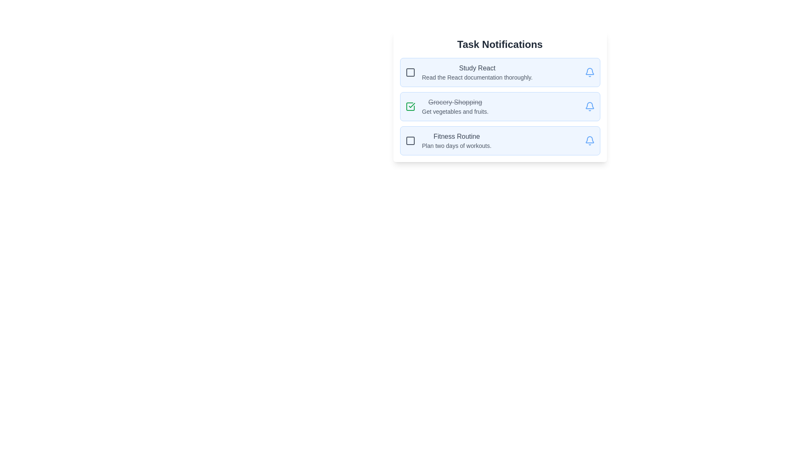 The height and width of the screenshot is (450, 801). I want to click on the checkbox to the left of the 'Grocery Shopping' task, so click(410, 106).